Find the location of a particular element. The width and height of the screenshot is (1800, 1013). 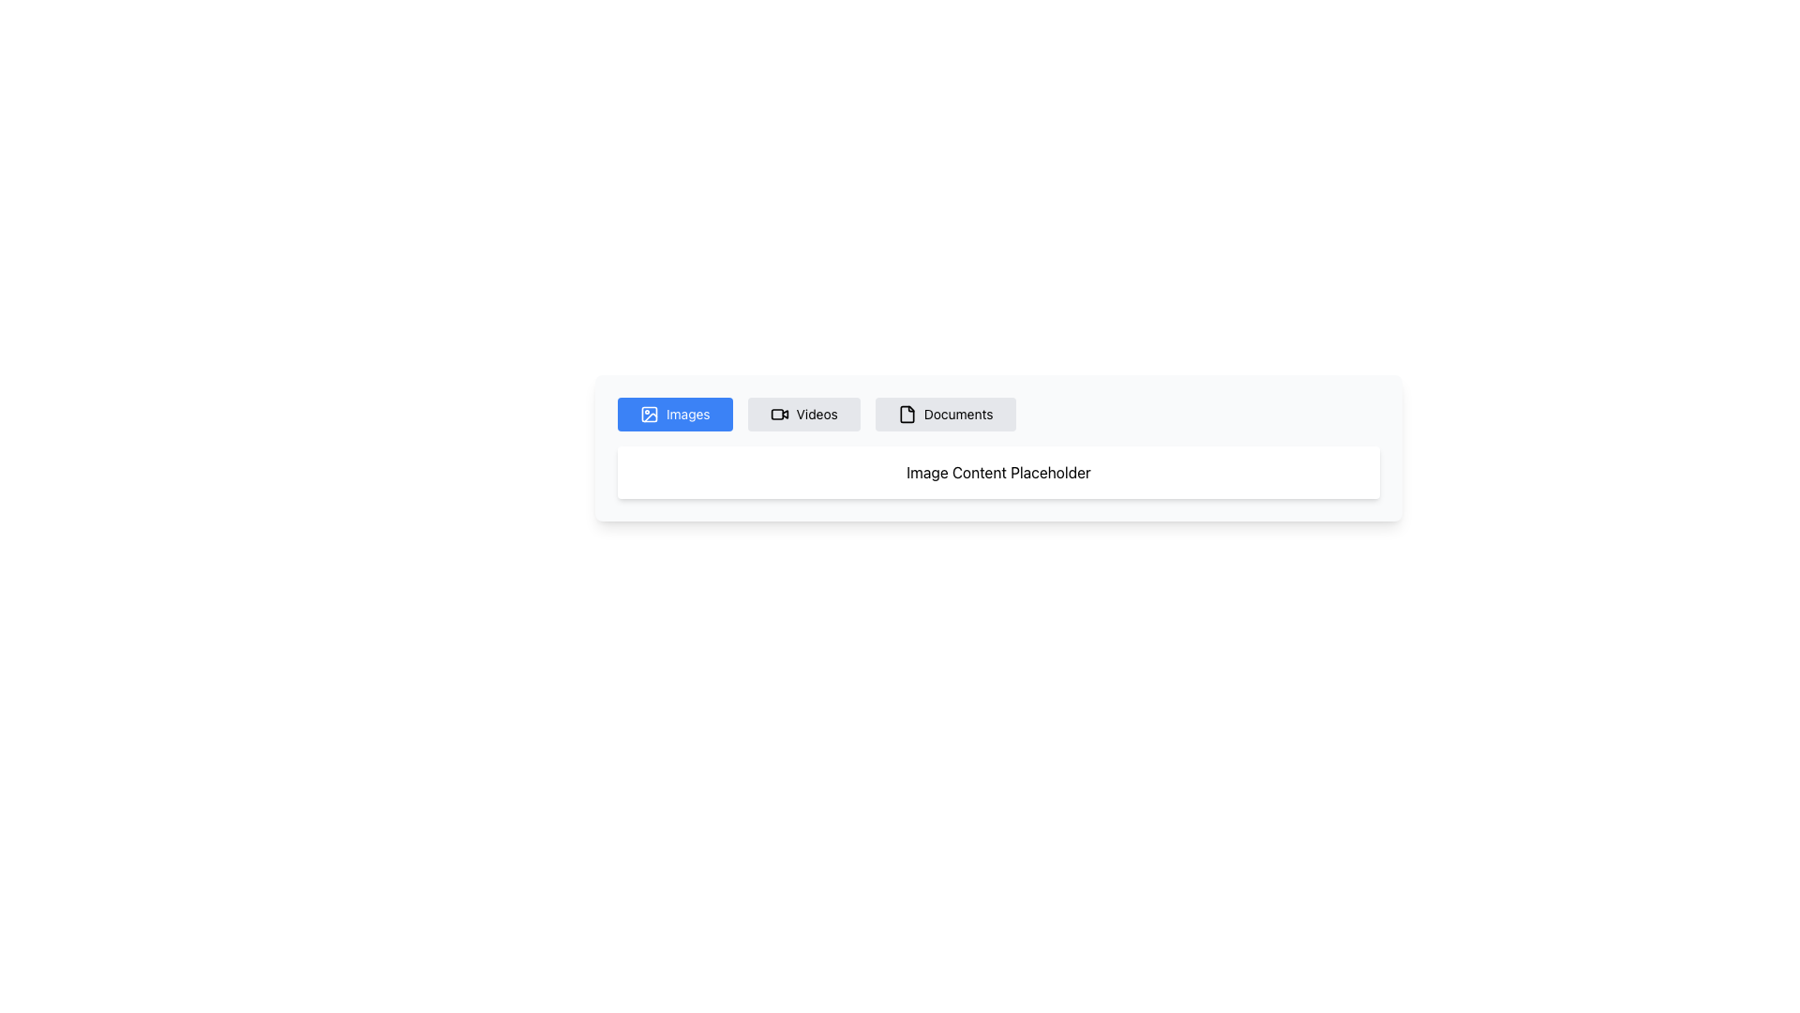

the 'Images' button label located in the upper left of the main content area, which is part of a button group and positioned to the right of an image icon is located at coordinates (687, 414).